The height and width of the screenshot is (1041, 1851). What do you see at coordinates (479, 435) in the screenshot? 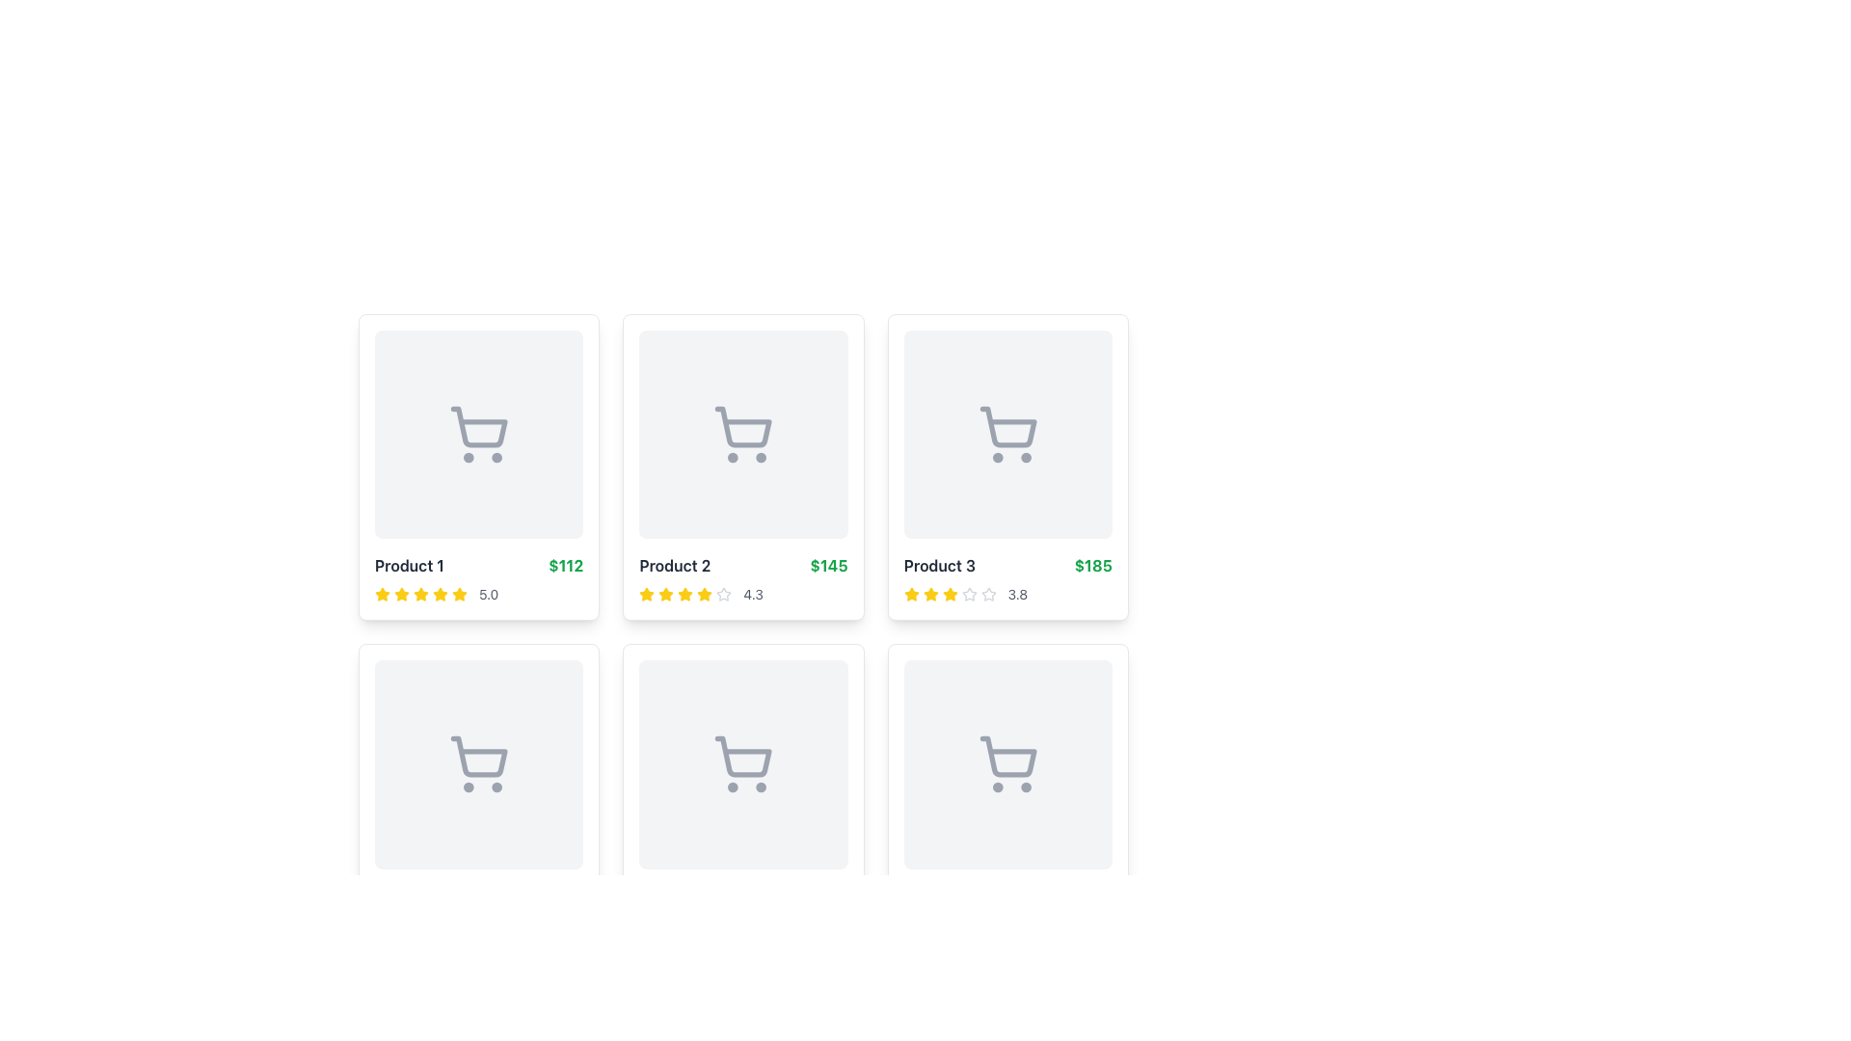
I see `the shopping cart icon located at the center of the thumbnail section in the 'Product 1' card` at bounding box center [479, 435].